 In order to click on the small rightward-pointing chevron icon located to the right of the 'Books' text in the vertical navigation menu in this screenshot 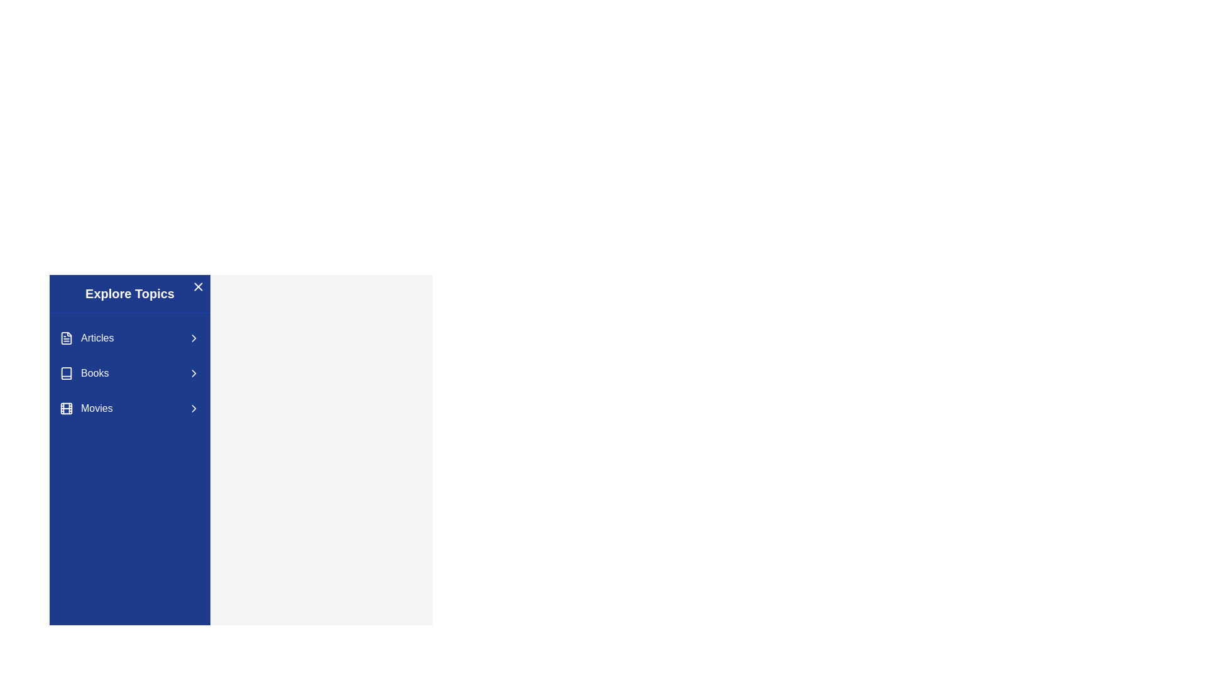, I will do `click(193, 372)`.